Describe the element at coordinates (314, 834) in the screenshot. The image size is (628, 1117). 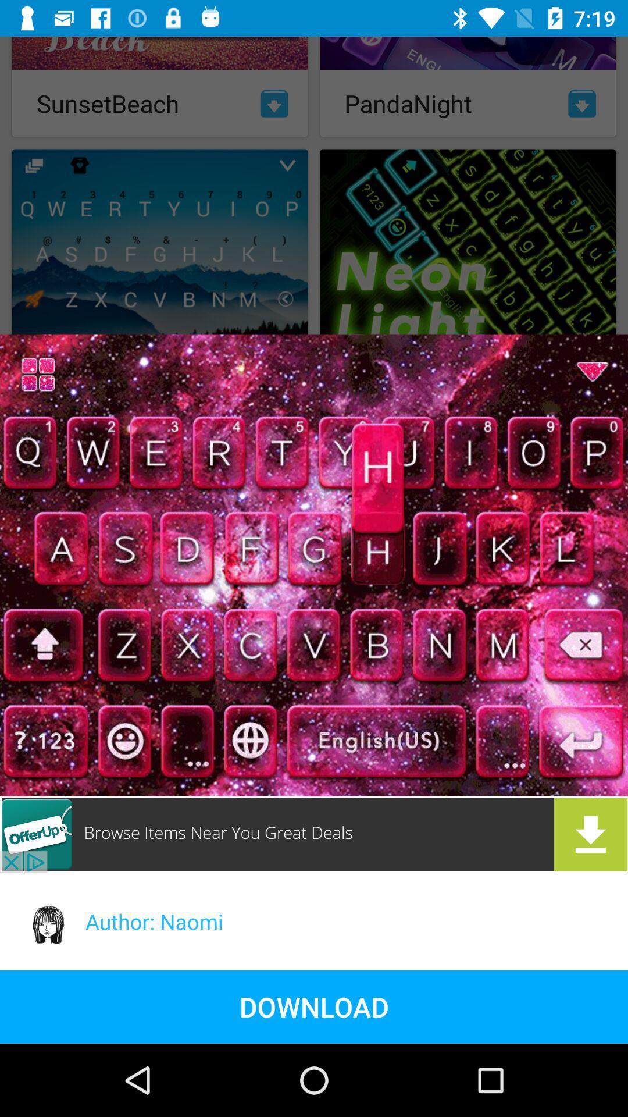
I see `advertisemnt` at that location.